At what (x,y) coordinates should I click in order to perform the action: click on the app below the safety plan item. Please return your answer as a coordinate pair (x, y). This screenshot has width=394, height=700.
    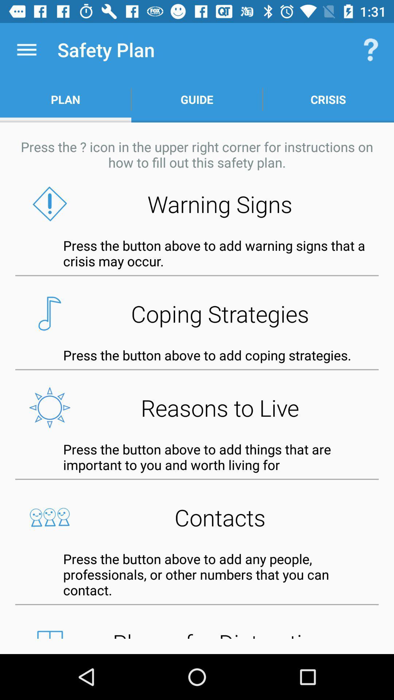
    Looking at the image, I should click on (197, 99).